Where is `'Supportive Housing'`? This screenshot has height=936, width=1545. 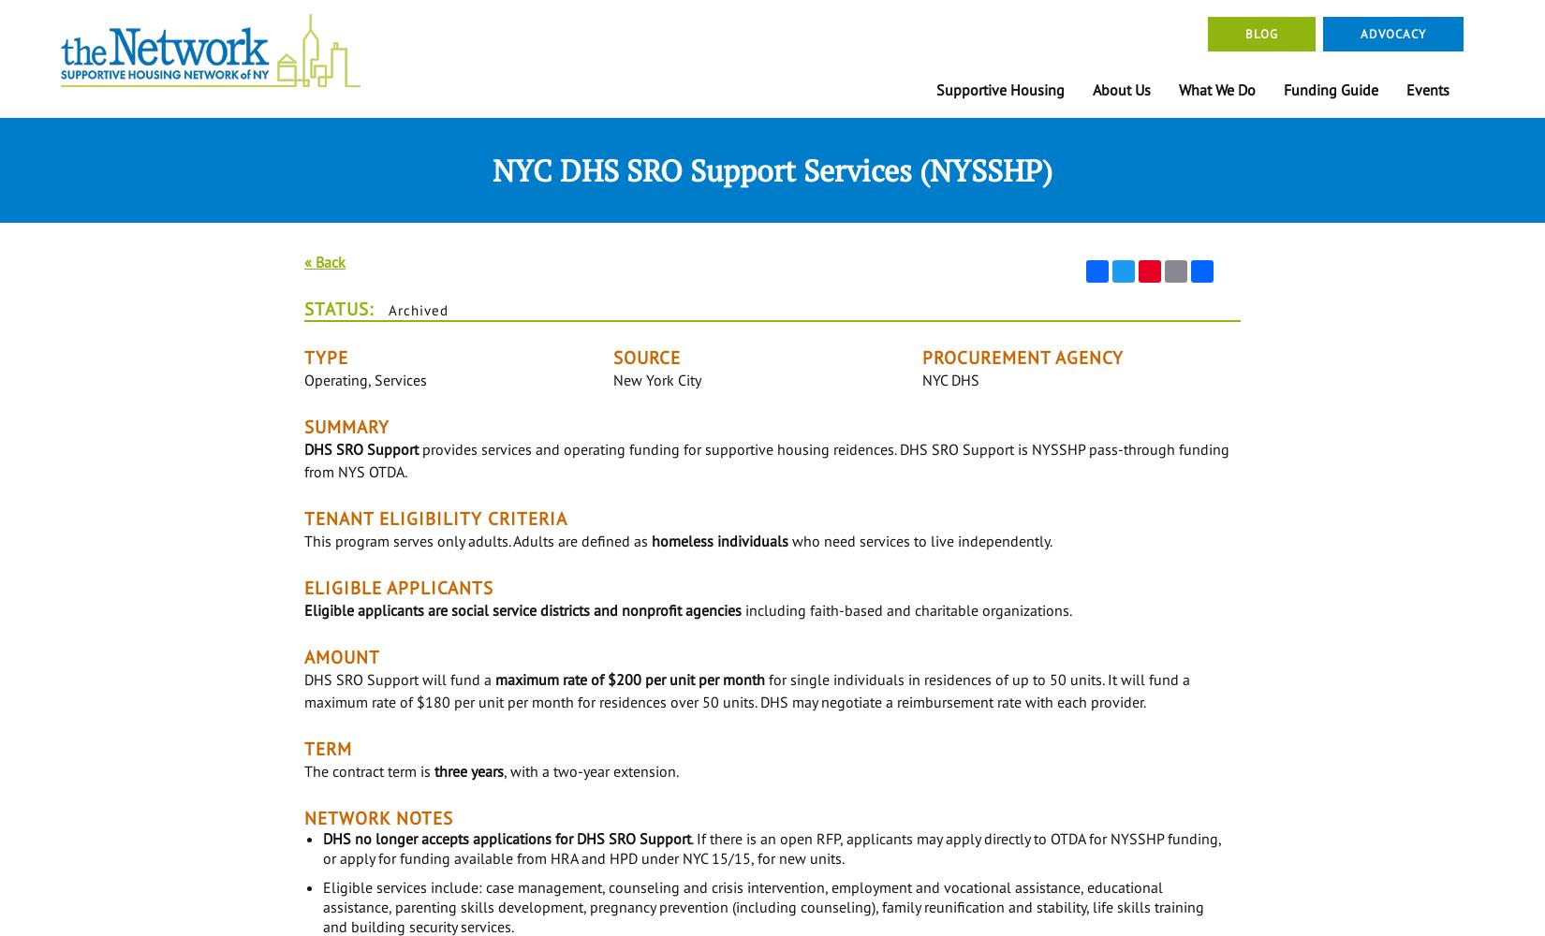
'Supportive Housing' is located at coordinates (936, 89).